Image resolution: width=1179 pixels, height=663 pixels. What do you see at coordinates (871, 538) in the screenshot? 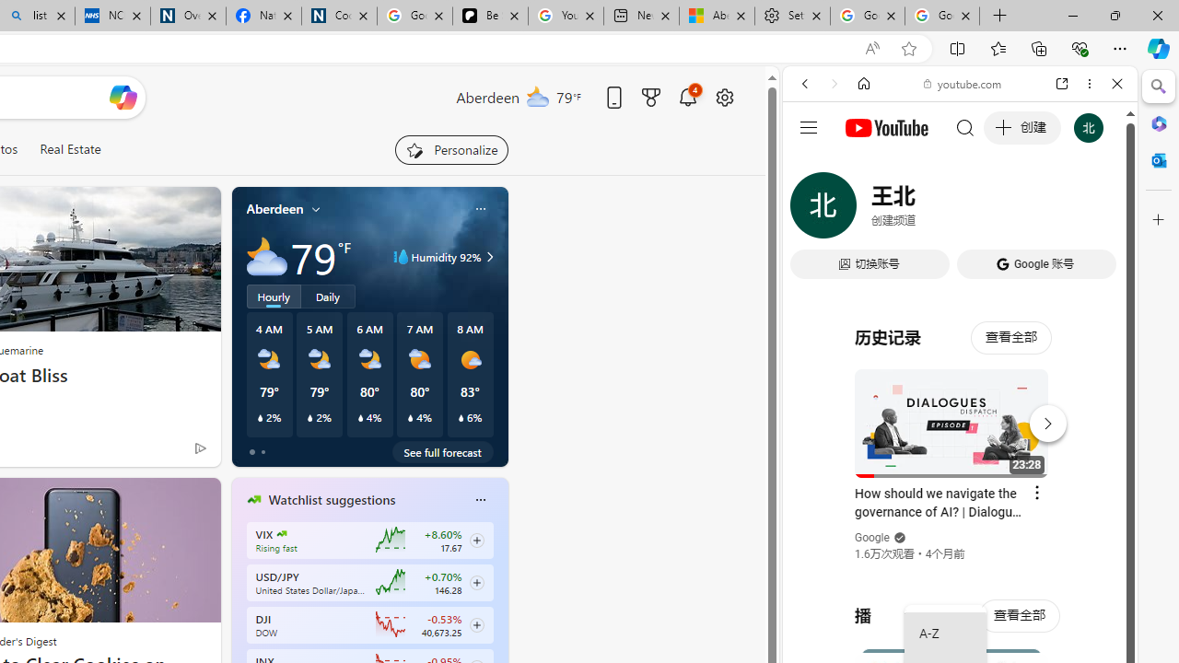
I see `'Google'` at bounding box center [871, 538].